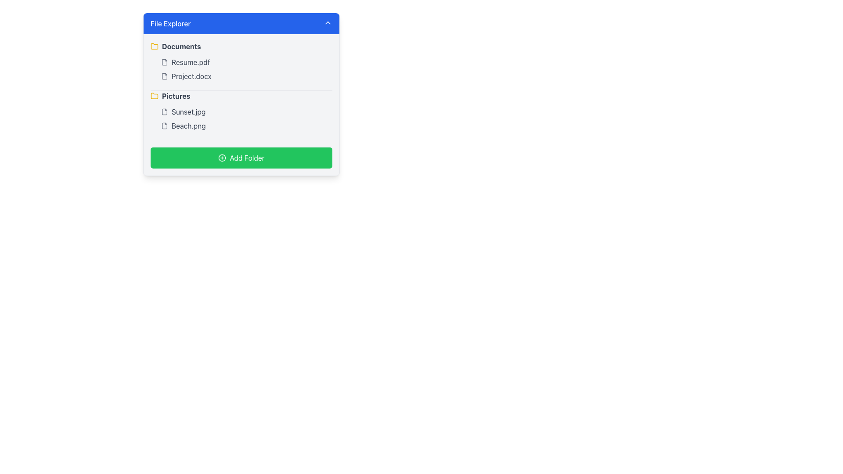 The height and width of the screenshot is (474, 843). Describe the element at coordinates (241, 65) in the screenshot. I see `the 'Documents' section in the File Explorer` at that location.